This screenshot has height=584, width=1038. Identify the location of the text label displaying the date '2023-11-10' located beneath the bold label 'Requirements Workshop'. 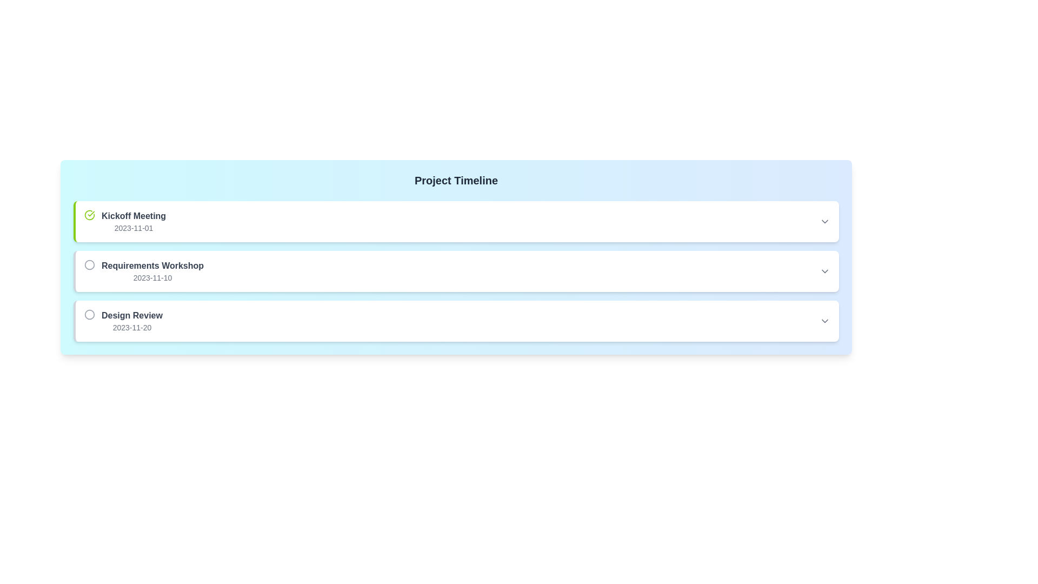
(152, 277).